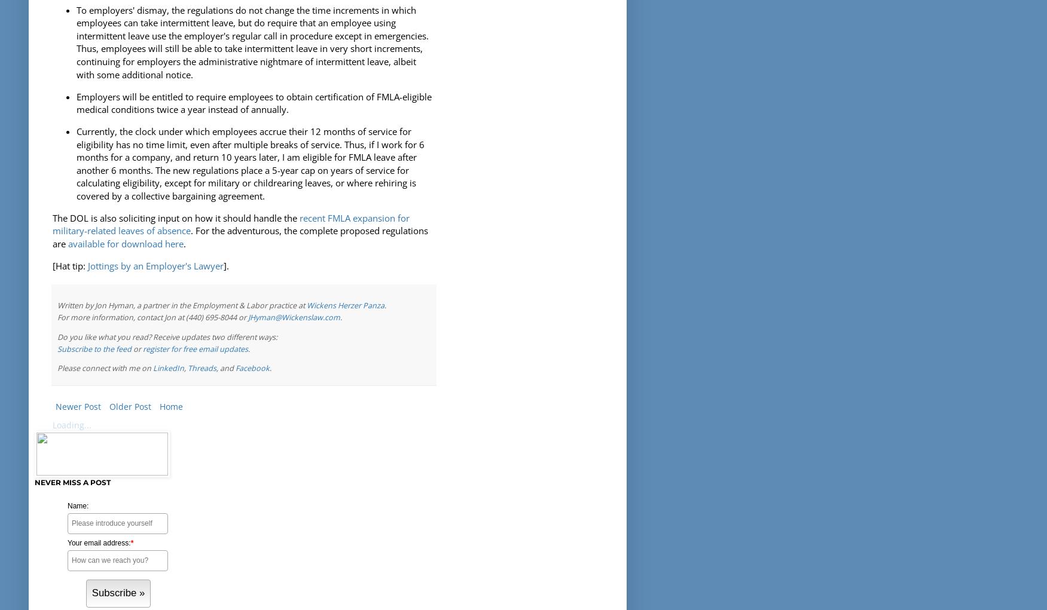 The height and width of the screenshot is (610, 1047). What do you see at coordinates (294, 317) in the screenshot?
I see `'JHyman@Wickenslaw.com'` at bounding box center [294, 317].